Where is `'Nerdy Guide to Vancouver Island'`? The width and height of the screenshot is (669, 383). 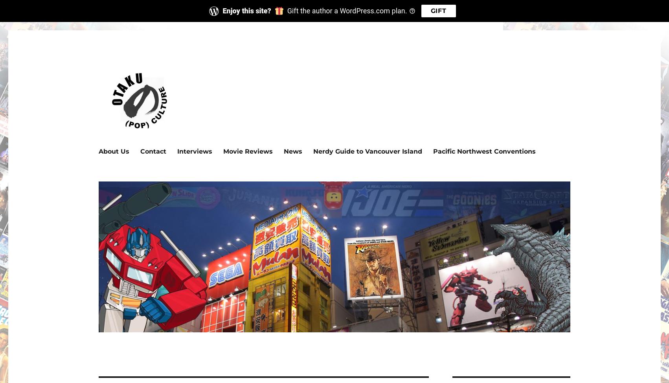
'Nerdy Guide to Vancouver Island' is located at coordinates (368, 150).